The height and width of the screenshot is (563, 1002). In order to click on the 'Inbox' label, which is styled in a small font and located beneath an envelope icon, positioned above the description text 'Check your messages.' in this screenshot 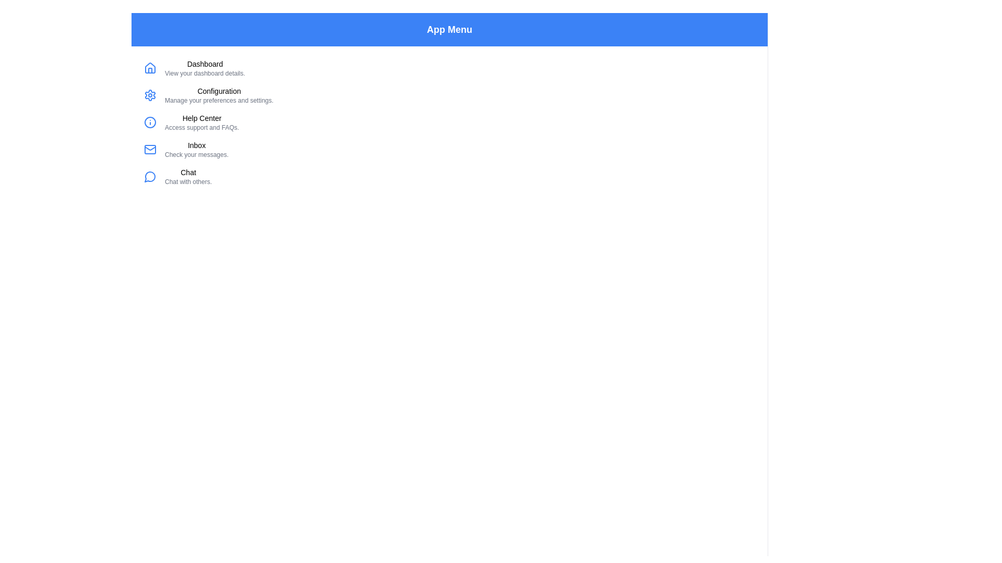, I will do `click(197, 145)`.